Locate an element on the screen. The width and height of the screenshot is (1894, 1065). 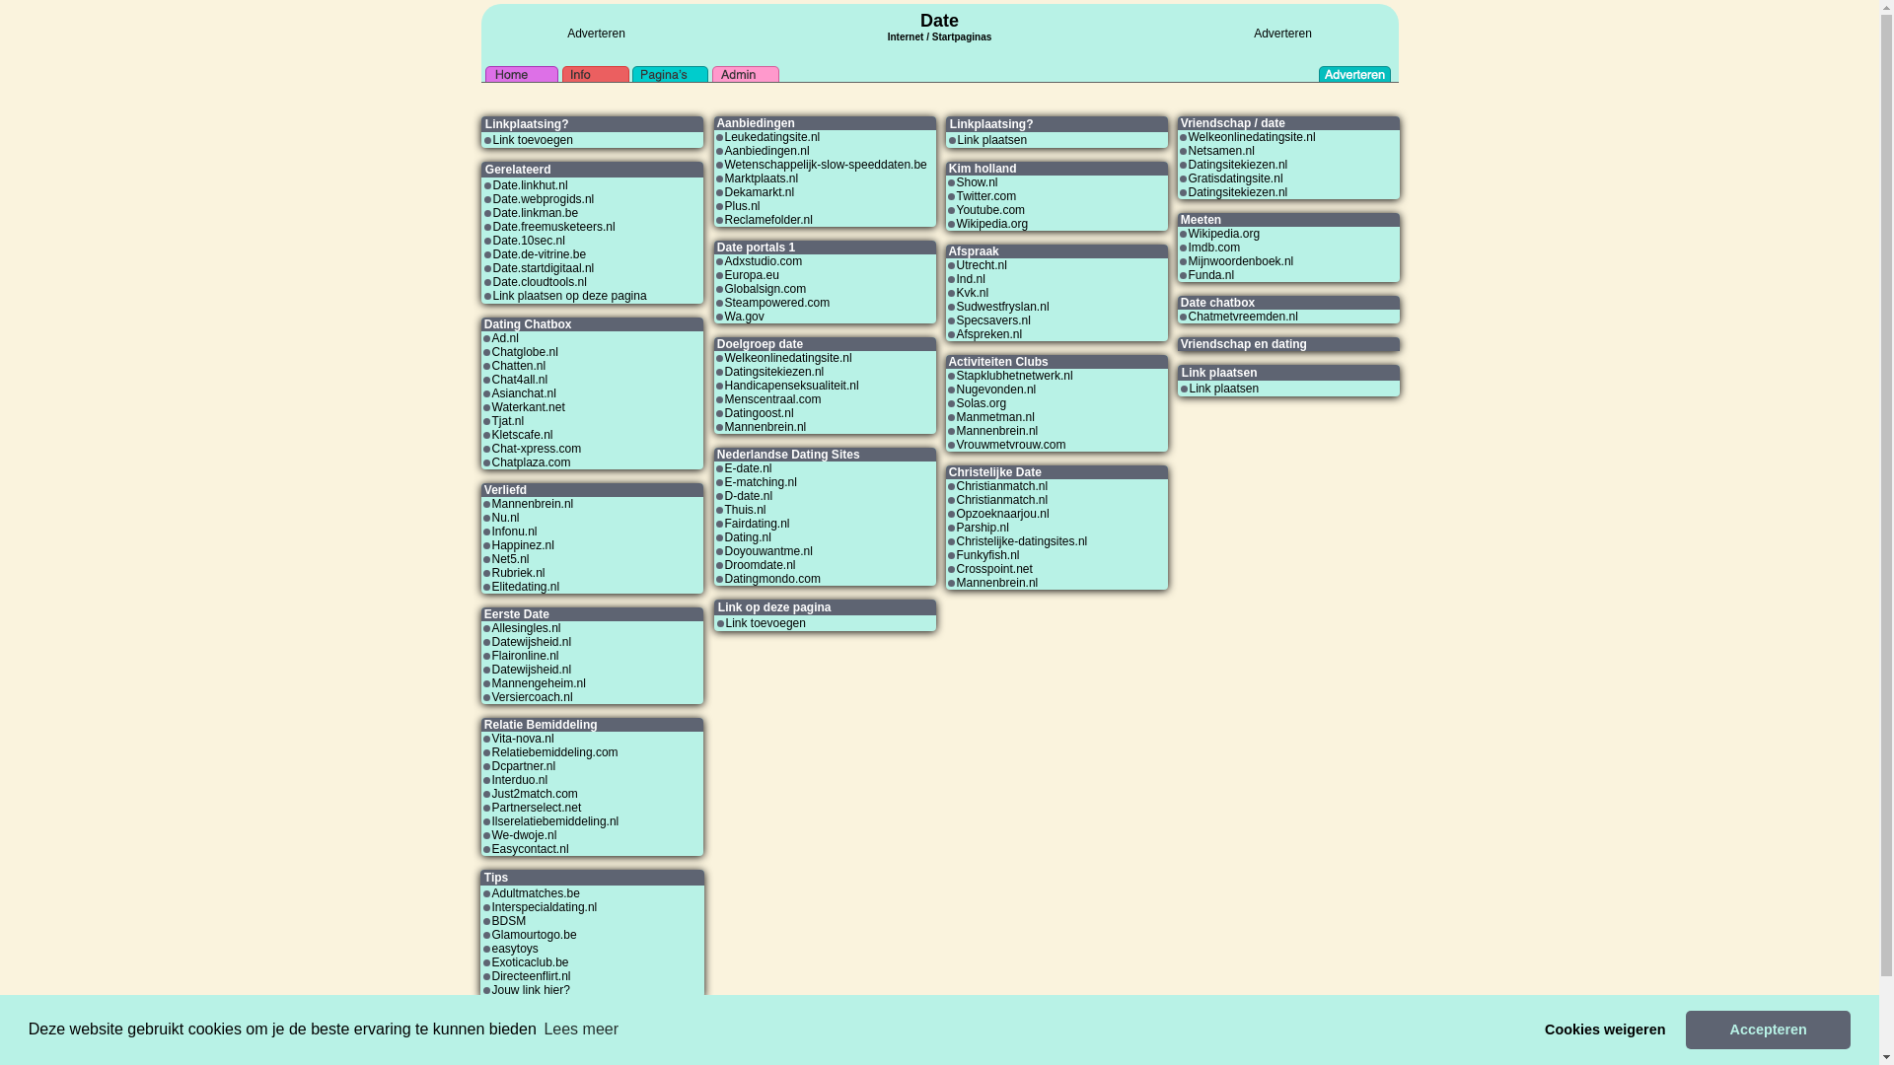
'Link ruilen' is located at coordinates (507, 1052).